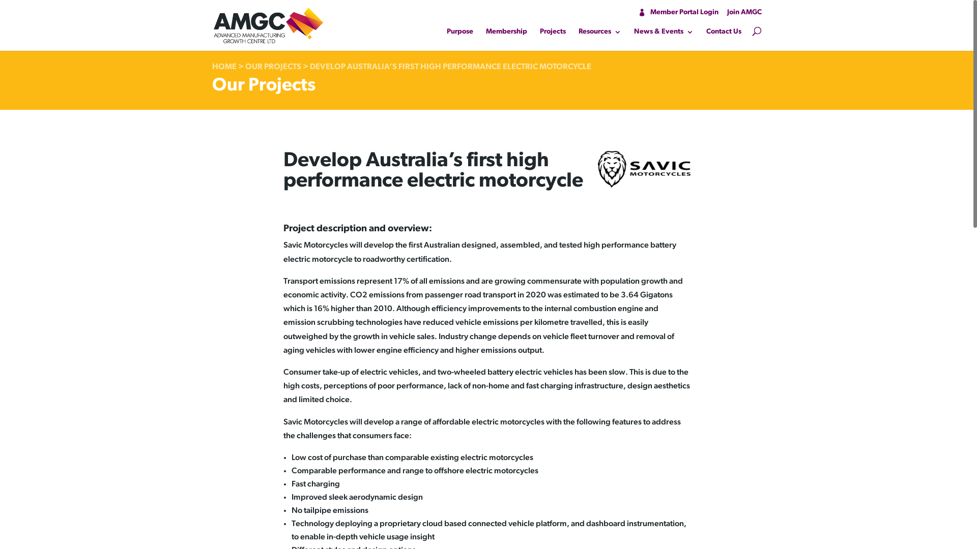  I want to click on 'Member Portal Login', so click(678, 12).